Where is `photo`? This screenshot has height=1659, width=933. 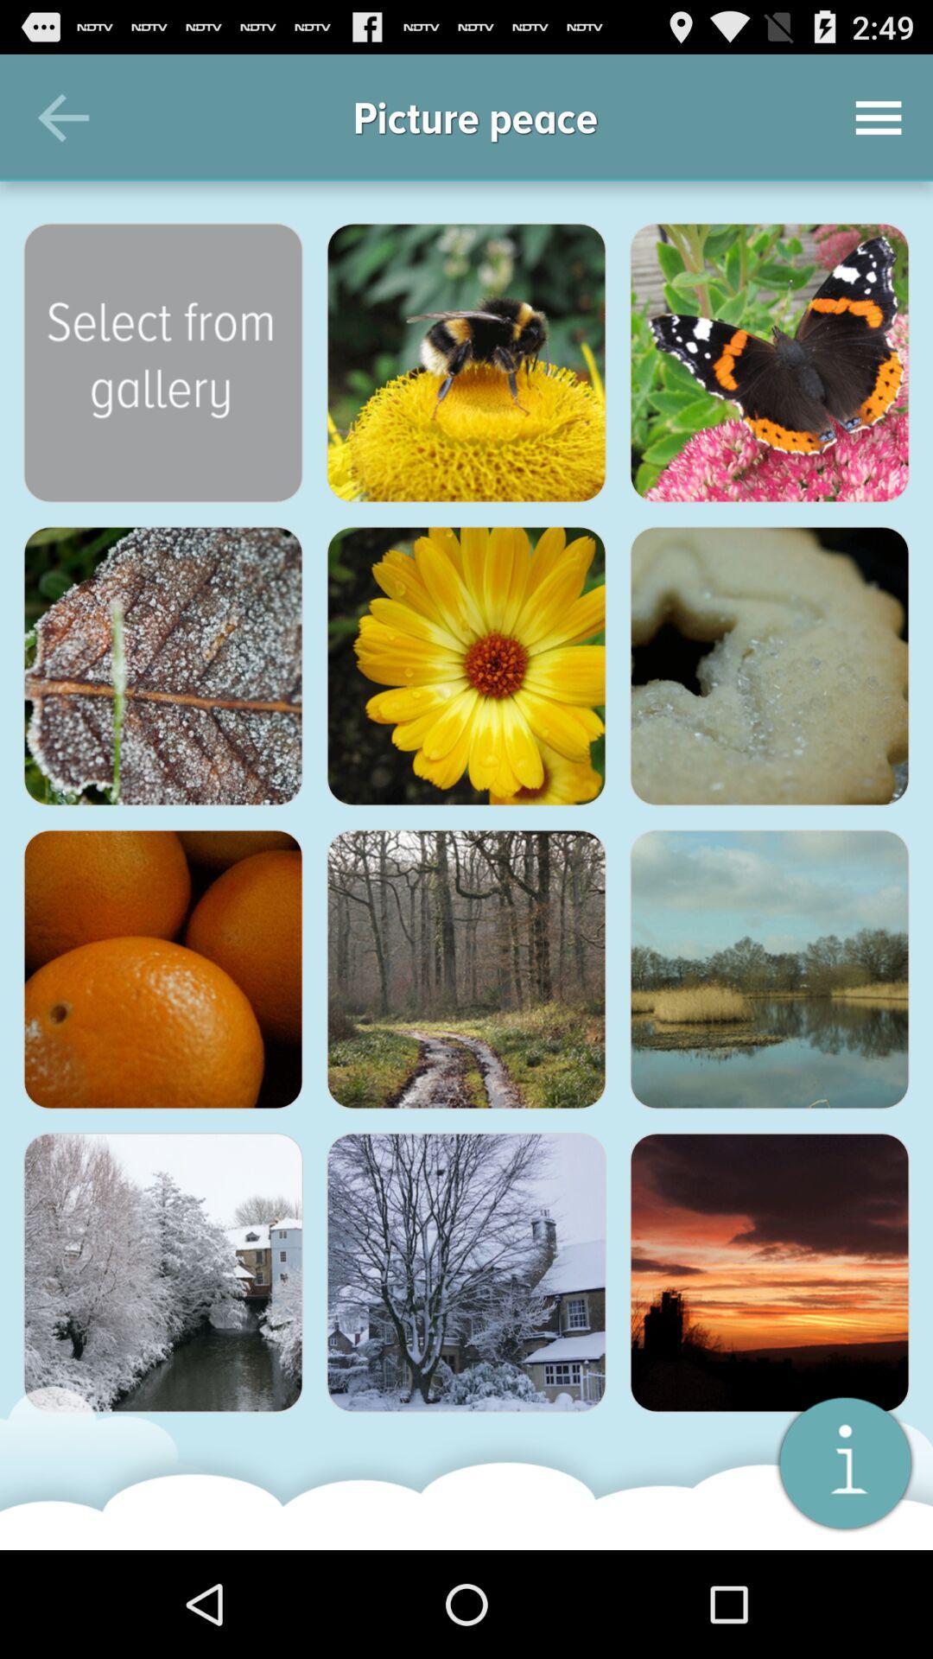
photo is located at coordinates (163, 969).